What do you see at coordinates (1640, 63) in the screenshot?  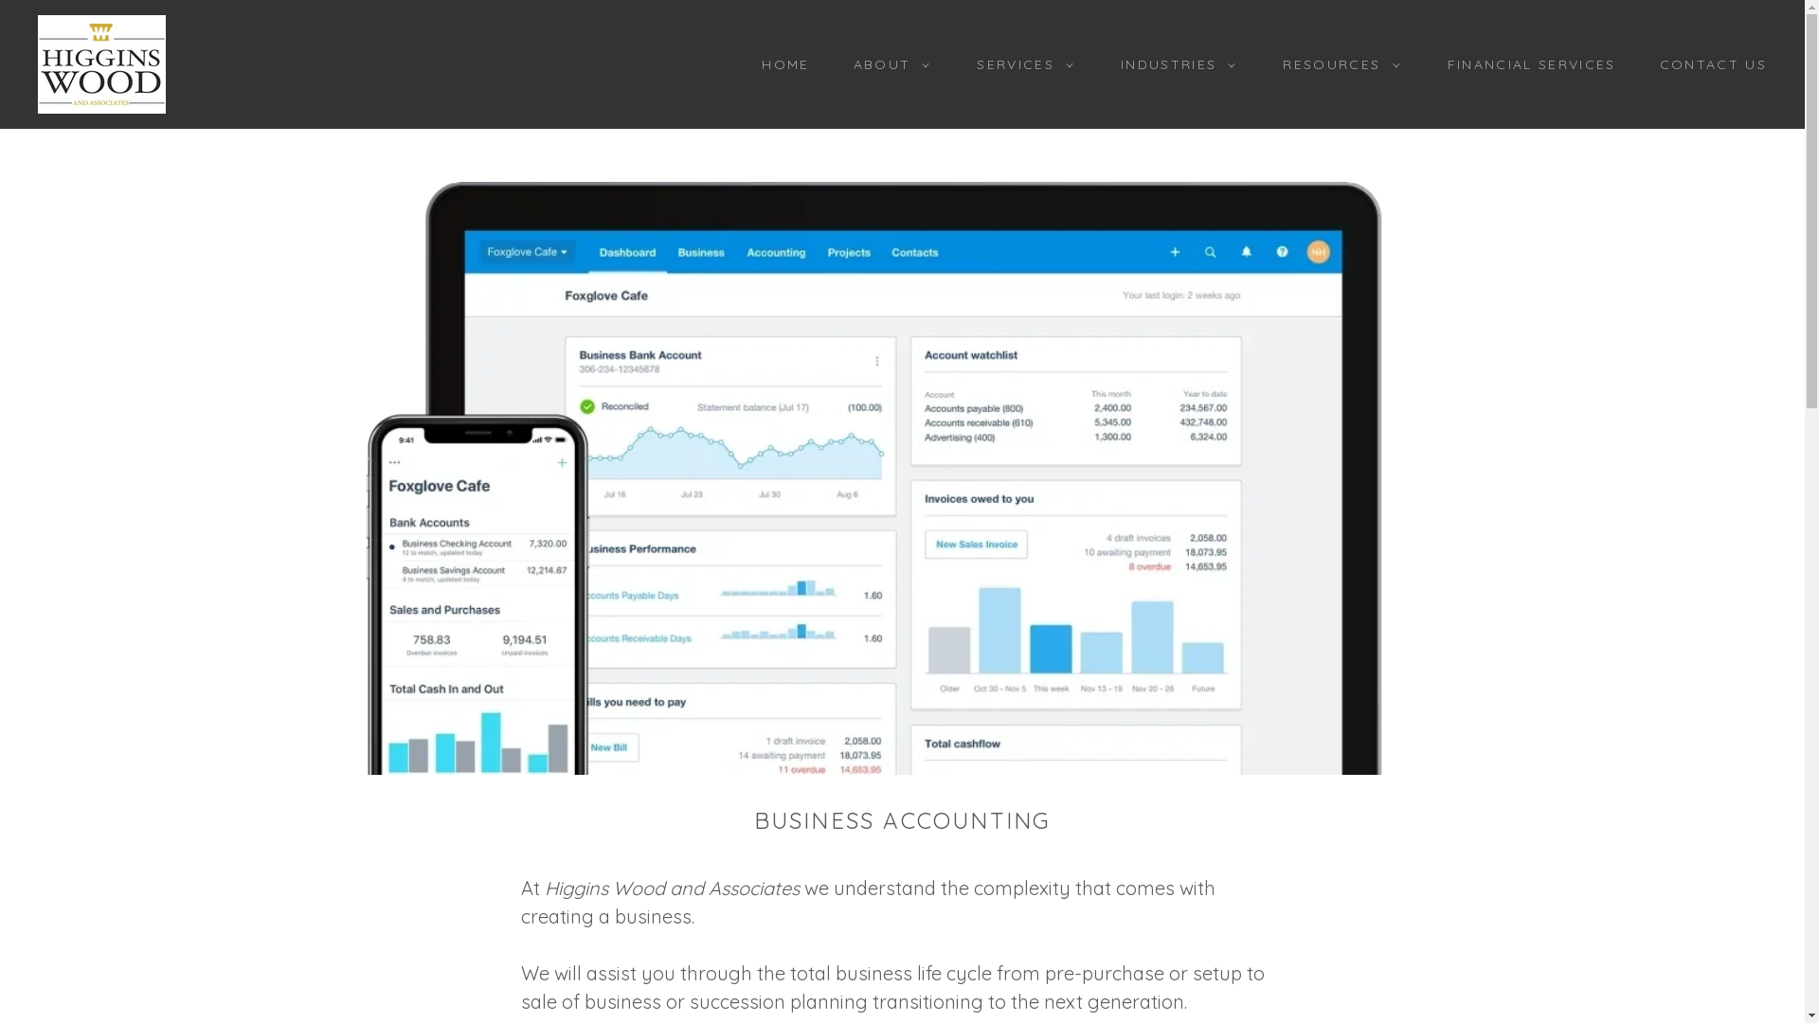 I see `'CONTACT US'` at bounding box center [1640, 63].